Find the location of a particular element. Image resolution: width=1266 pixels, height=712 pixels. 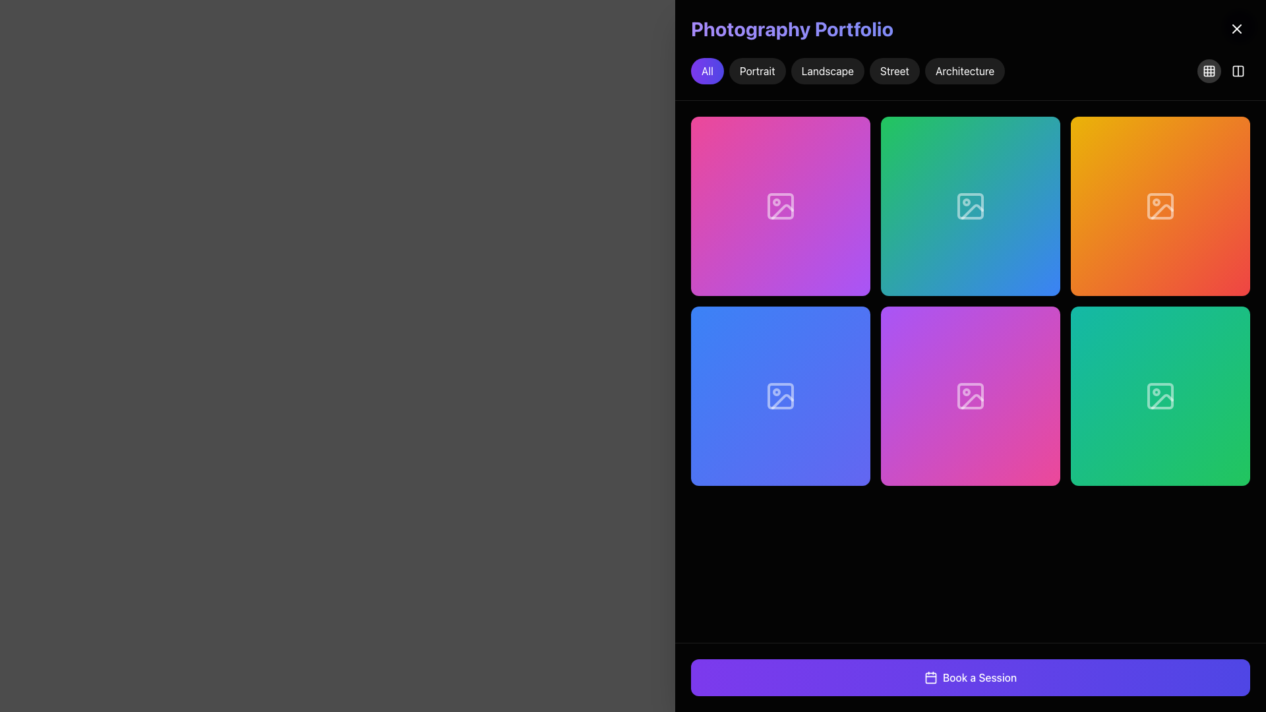

the central square of the grid layout icon, which is a small rectangular shape with rounded corners, located at the top-right corner of the interface is located at coordinates (1209, 71).